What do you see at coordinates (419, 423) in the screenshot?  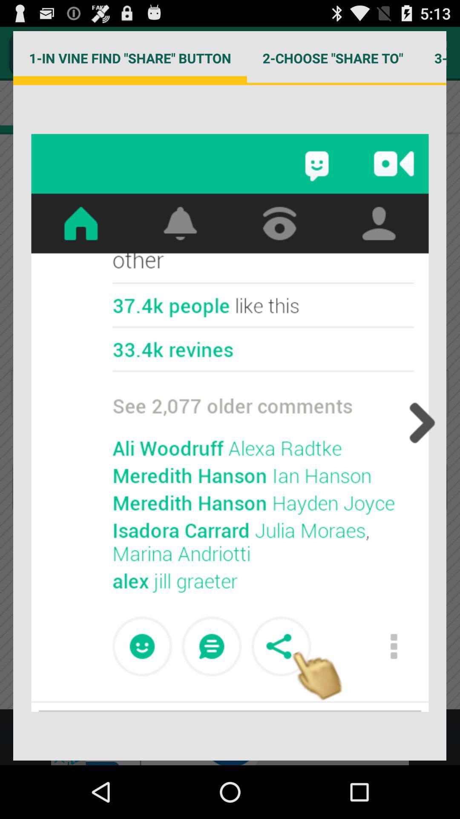 I see `go forward` at bounding box center [419, 423].